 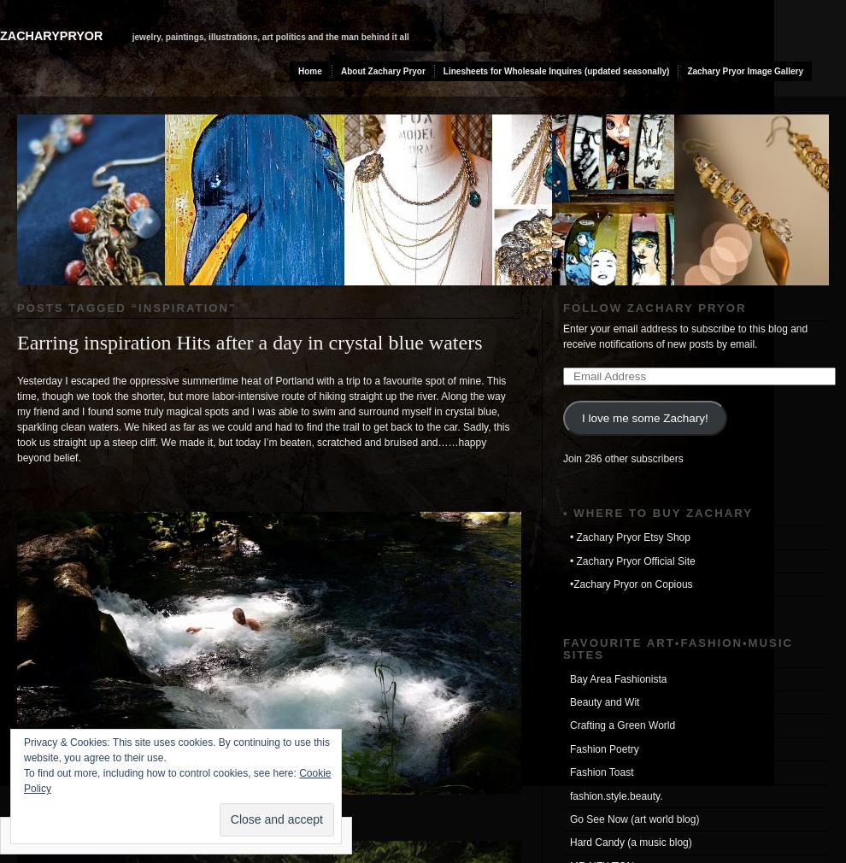 What do you see at coordinates (279, 836) in the screenshot?
I see `'Follow'` at bounding box center [279, 836].